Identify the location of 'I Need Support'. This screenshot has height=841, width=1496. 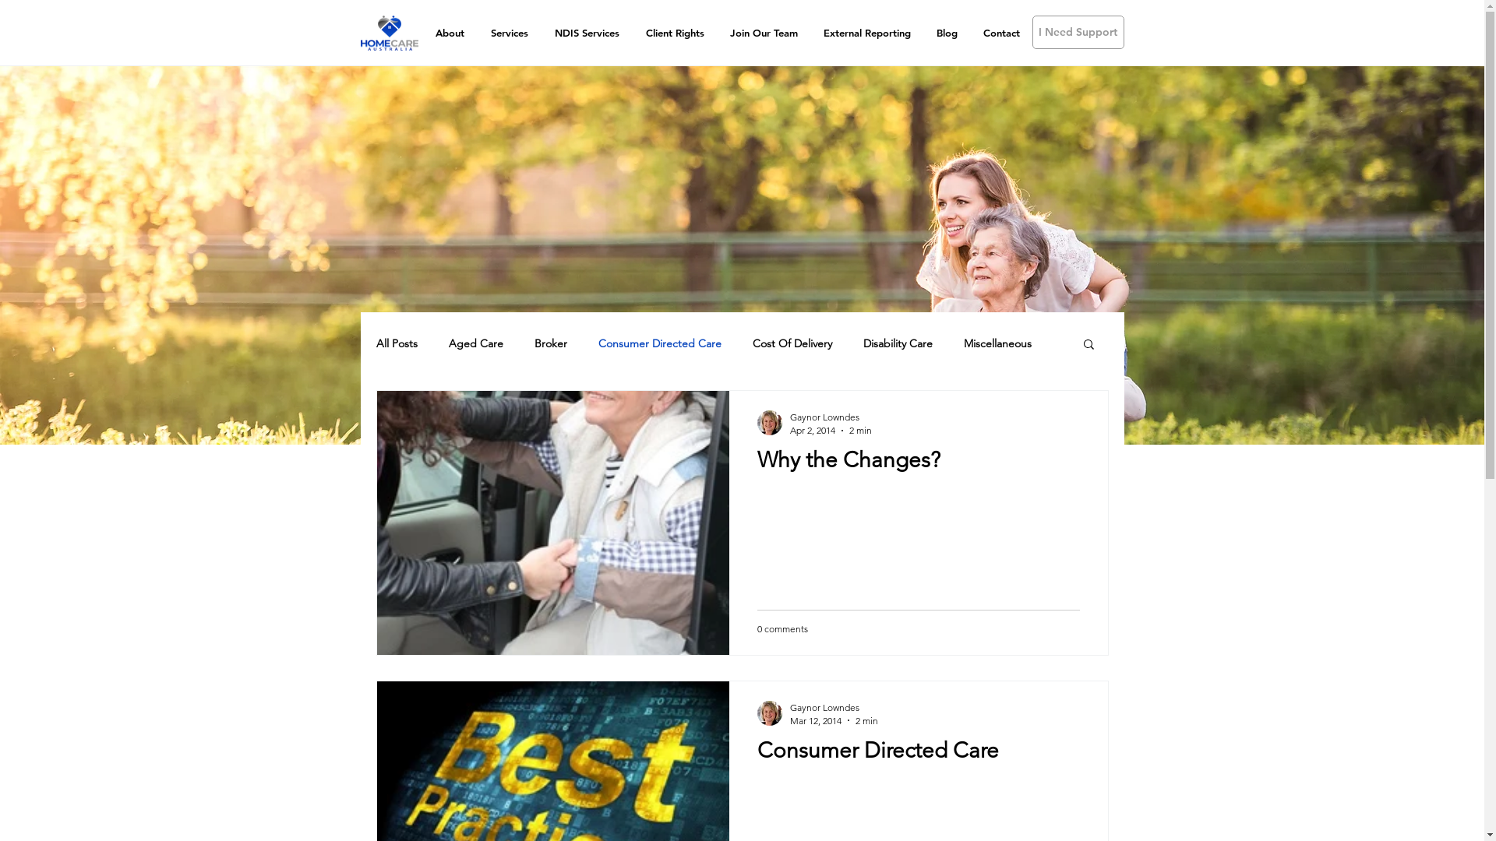
(1076, 32).